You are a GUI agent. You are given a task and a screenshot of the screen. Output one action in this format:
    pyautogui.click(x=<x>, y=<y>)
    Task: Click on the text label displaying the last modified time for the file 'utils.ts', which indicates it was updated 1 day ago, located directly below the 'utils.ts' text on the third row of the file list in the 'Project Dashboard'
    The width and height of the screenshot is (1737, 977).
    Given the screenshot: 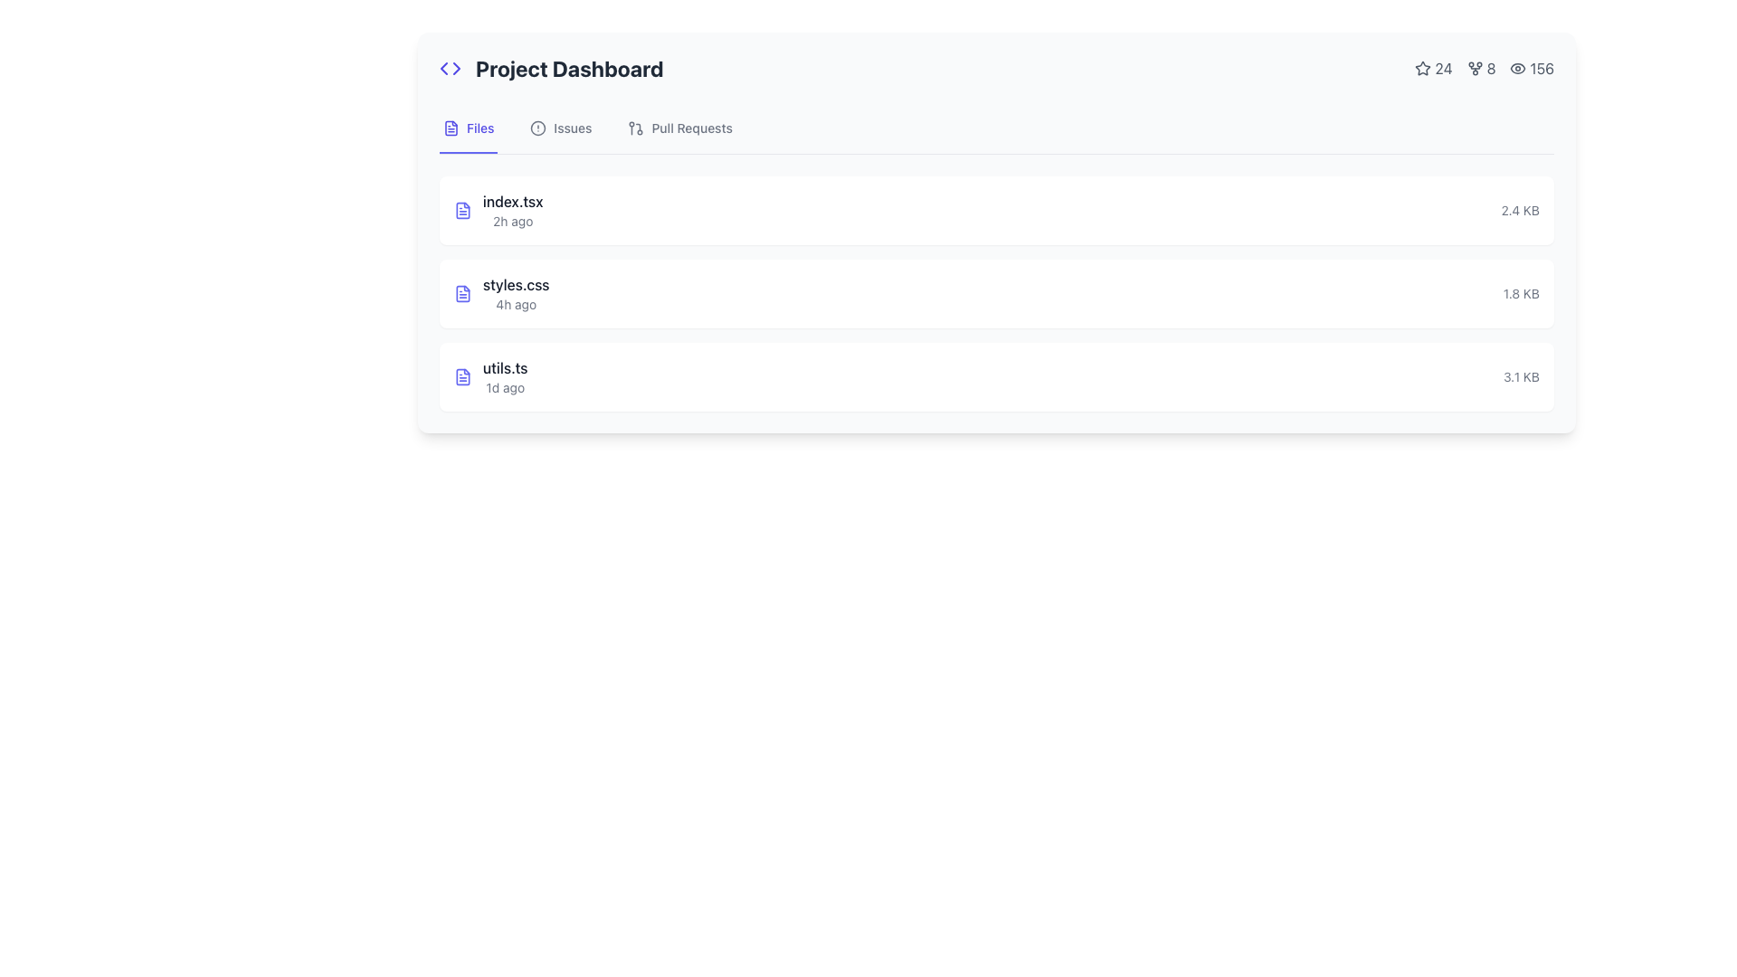 What is the action you would take?
    pyautogui.click(x=505, y=386)
    